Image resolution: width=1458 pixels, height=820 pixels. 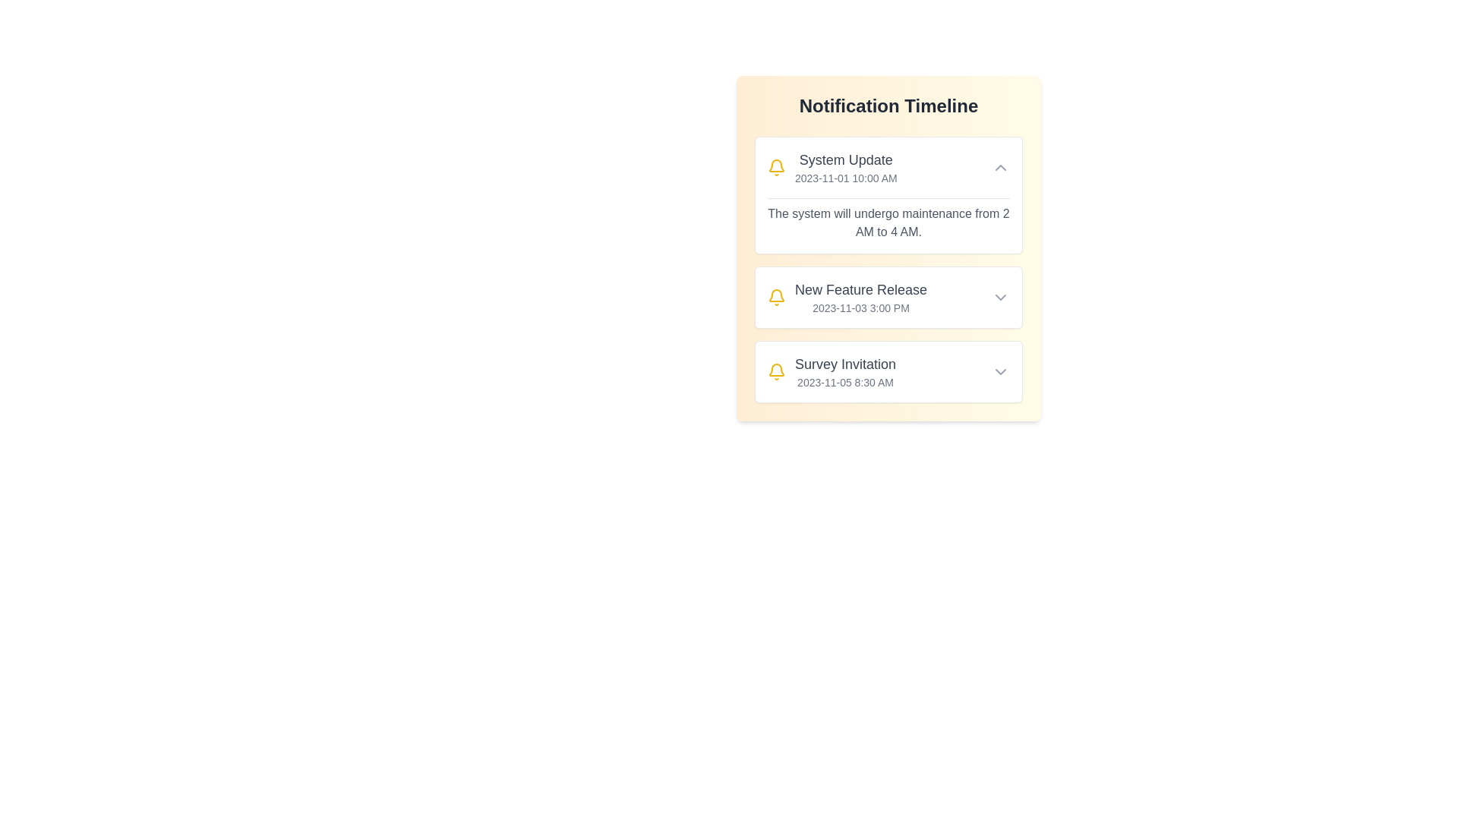 What do you see at coordinates (831, 371) in the screenshot?
I see `details of the 'Survey Invitation' notification item, which is the third entry in the notification timeline` at bounding box center [831, 371].